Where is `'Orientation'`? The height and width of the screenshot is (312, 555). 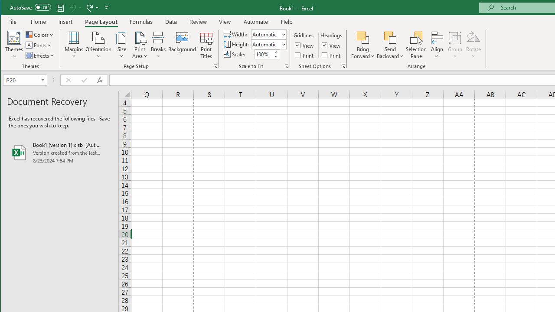 'Orientation' is located at coordinates (98, 45).